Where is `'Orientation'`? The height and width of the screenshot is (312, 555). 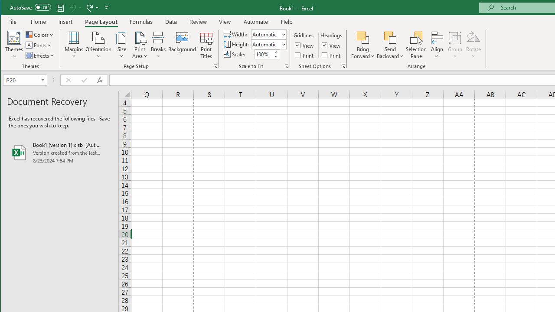 'Orientation' is located at coordinates (98, 45).